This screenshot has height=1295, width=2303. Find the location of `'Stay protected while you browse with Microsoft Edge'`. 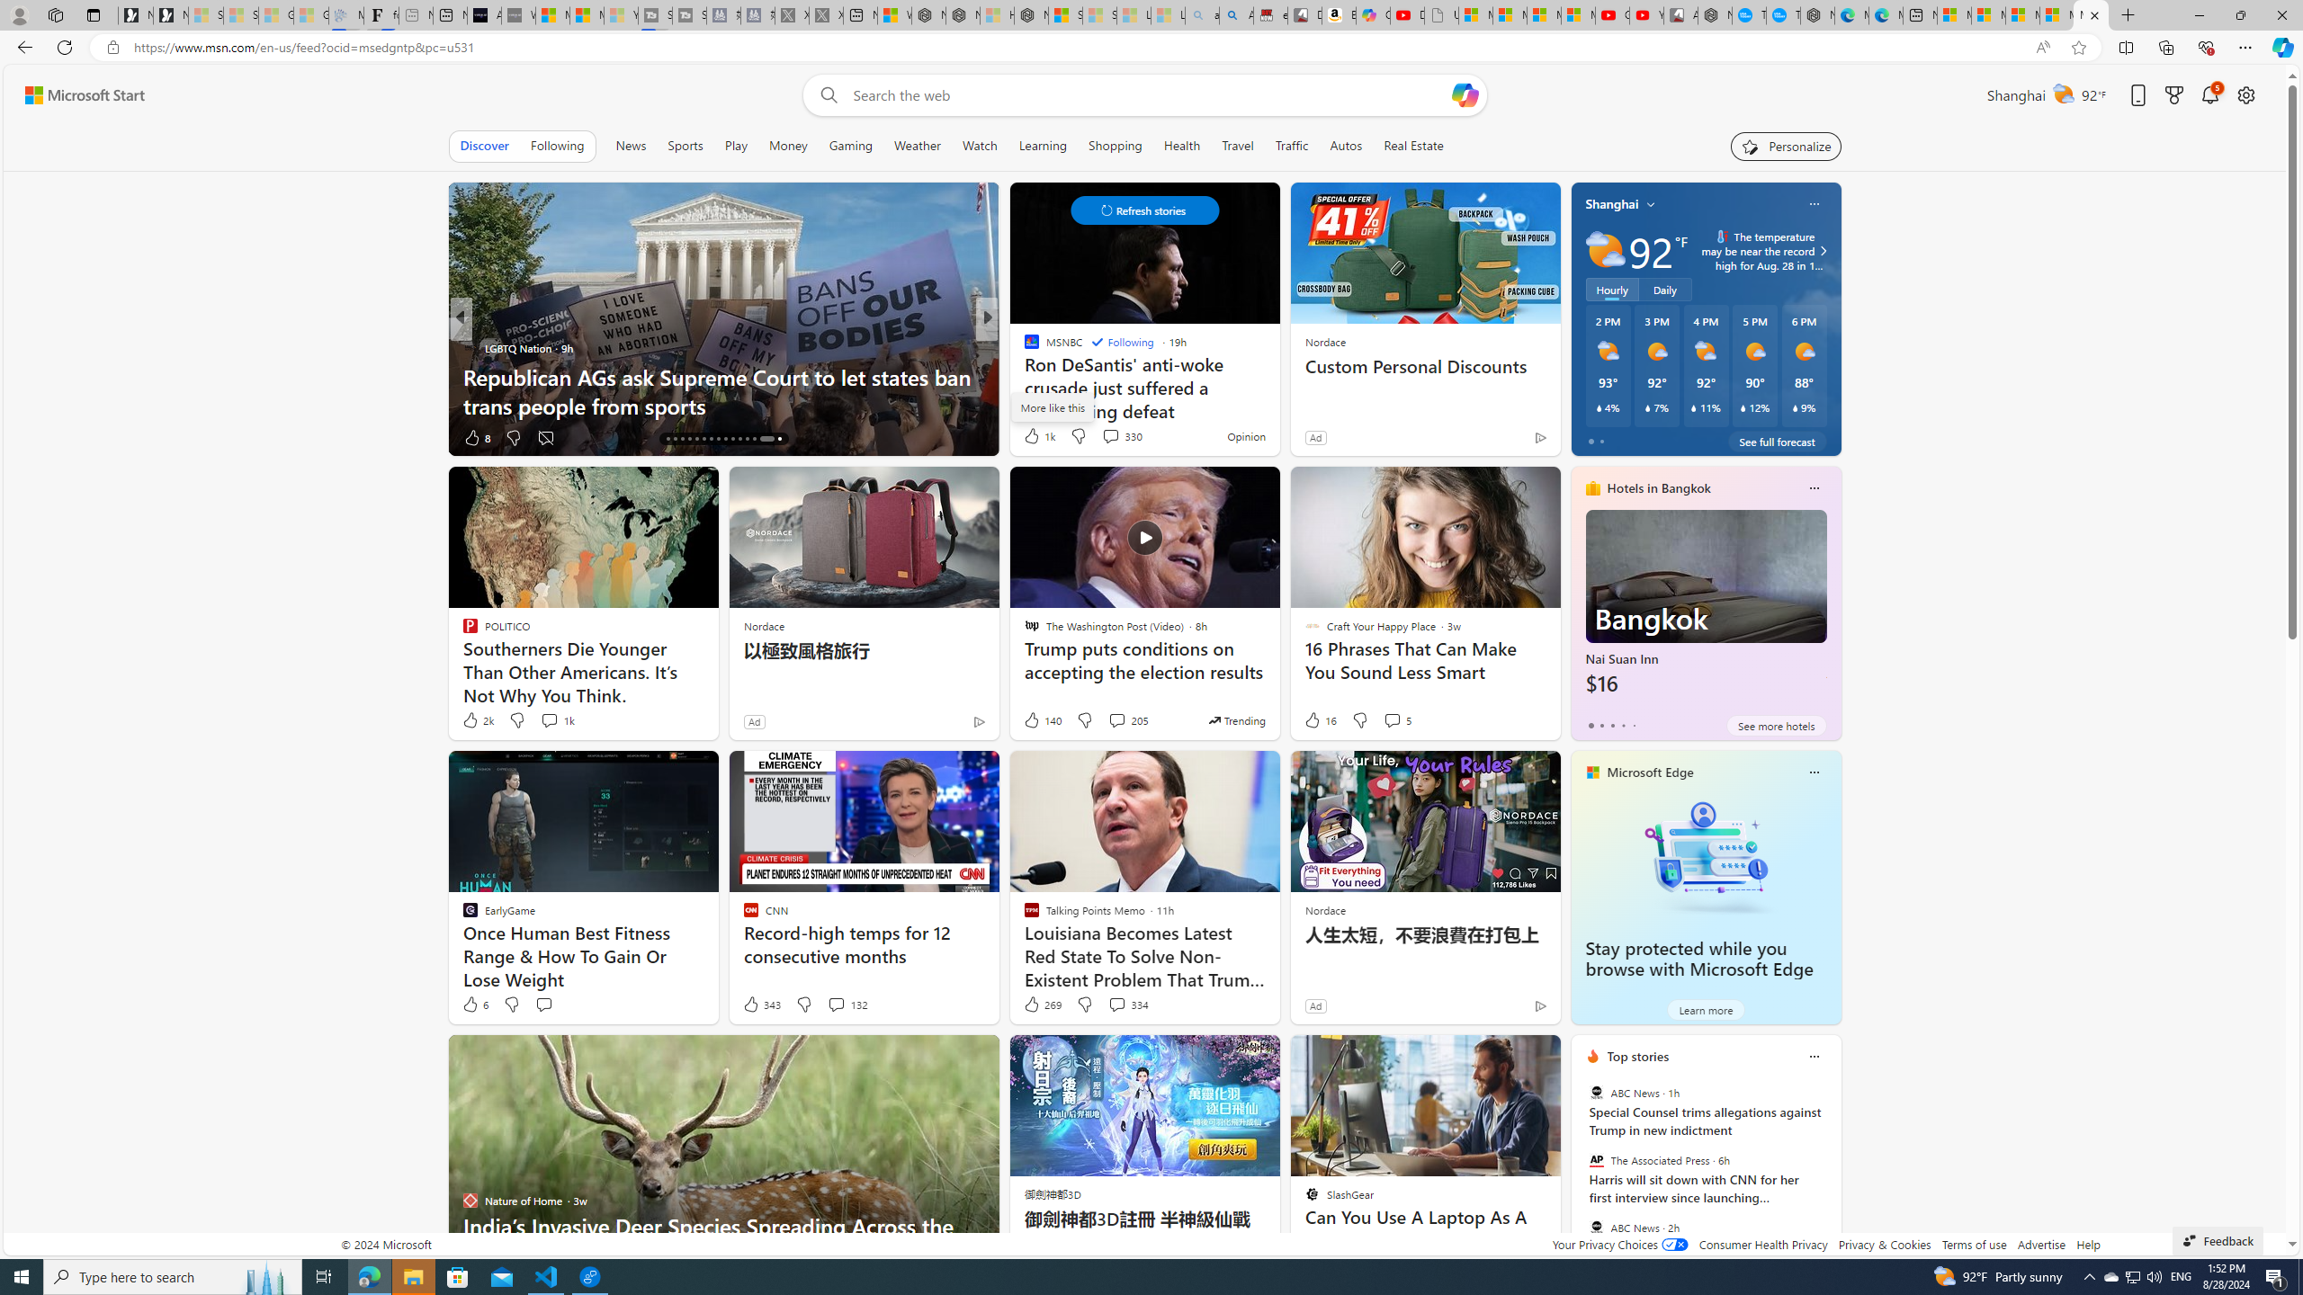

'Stay protected while you browse with Microsoft Edge' is located at coordinates (1705, 855).